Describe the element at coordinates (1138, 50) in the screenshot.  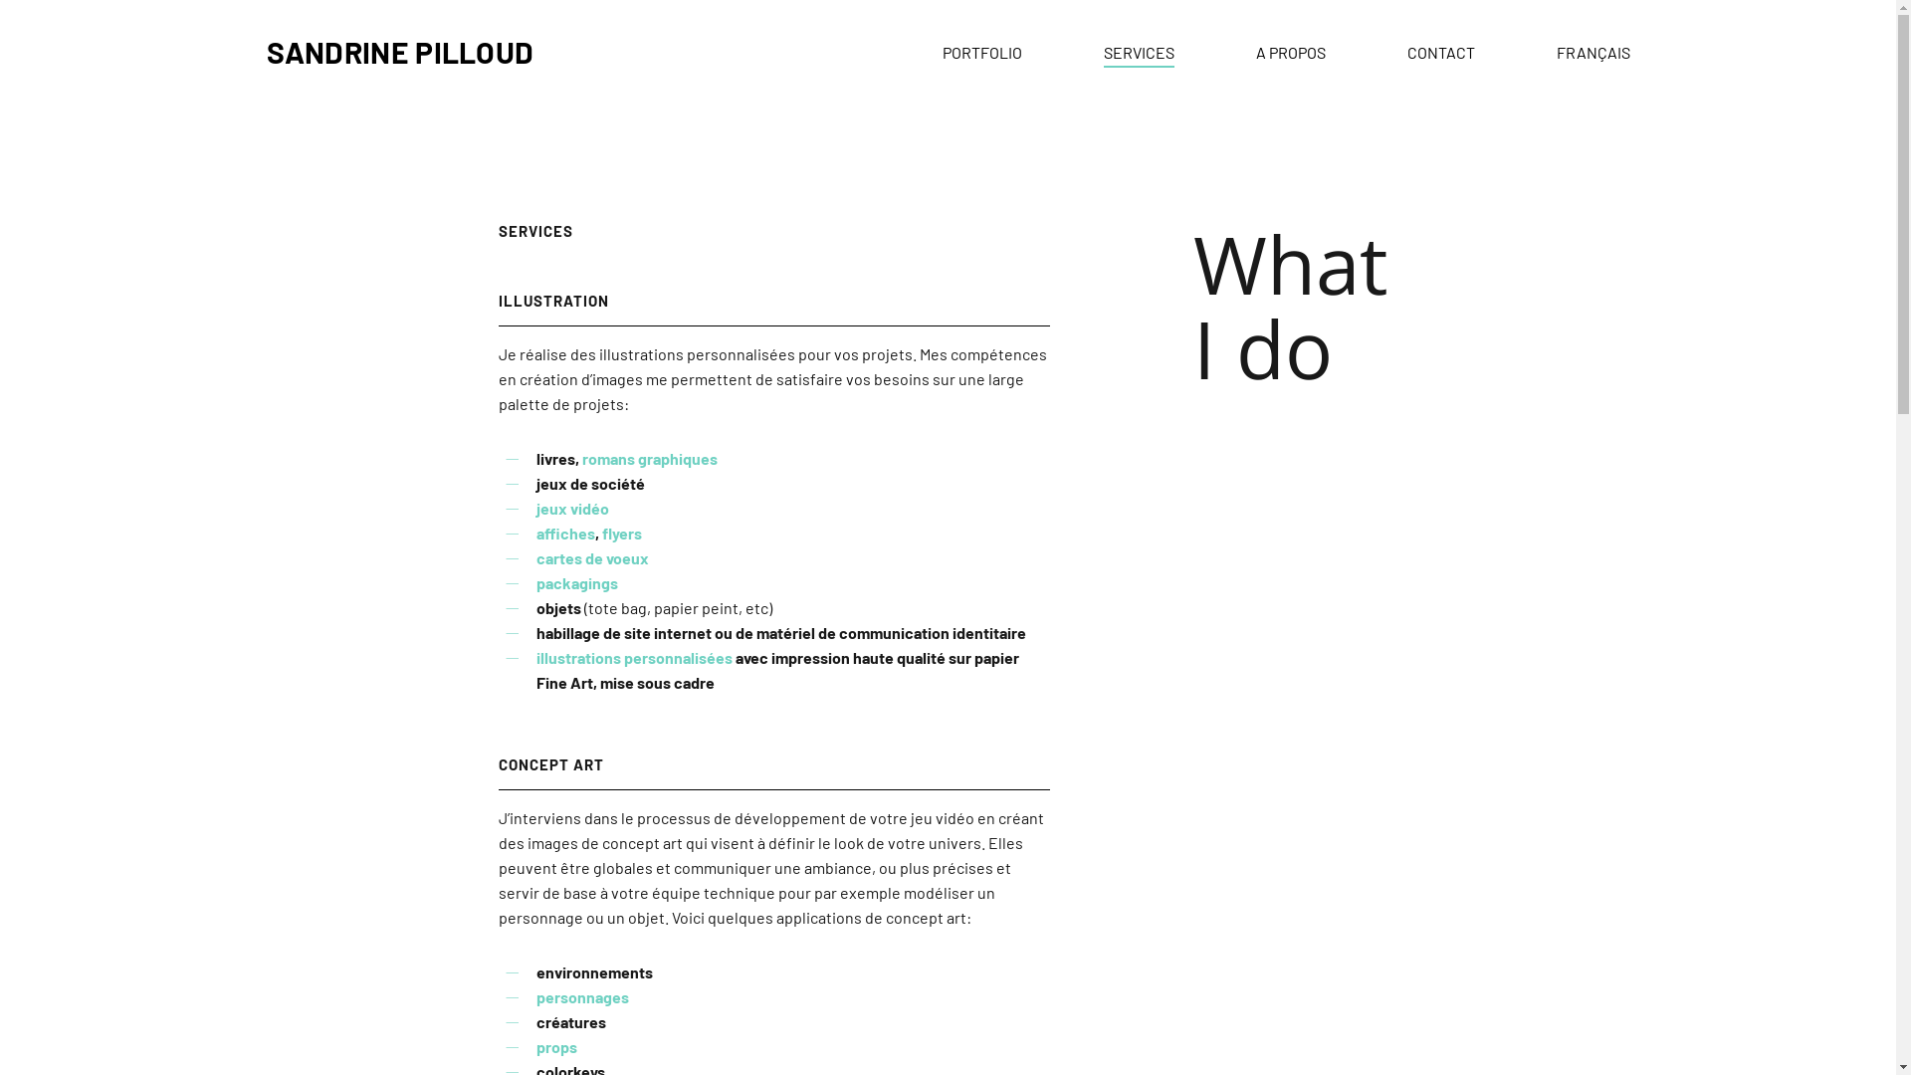
I see `'SERVICES'` at that location.